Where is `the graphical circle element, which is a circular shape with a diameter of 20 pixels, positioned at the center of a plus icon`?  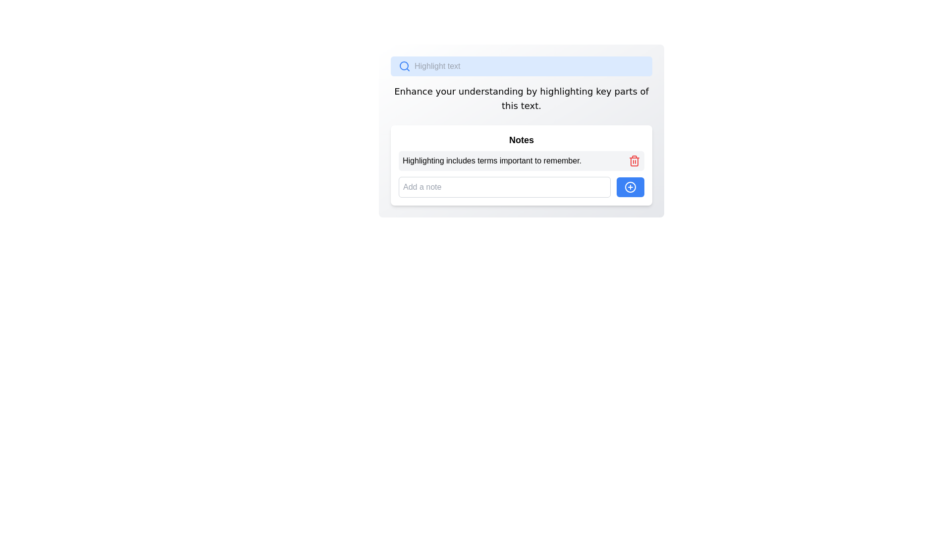
the graphical circle element, which is a circular shape with a diameter of 20 pixels, positioned at the center of a plus icon is located at coordinates (630, 187).